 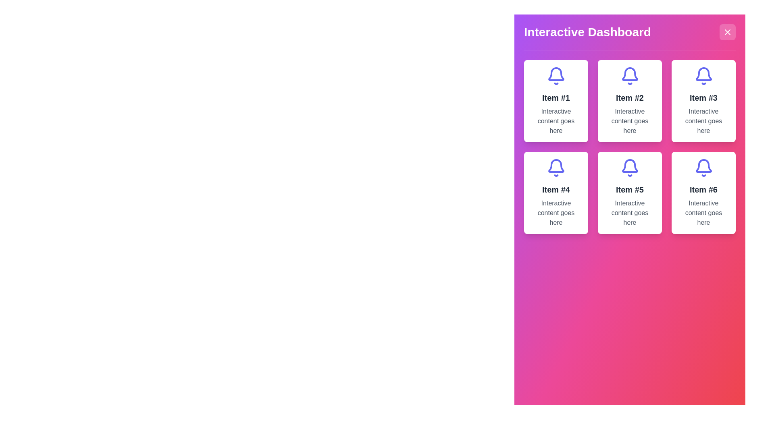 I want to click on the multi-line text block displaying 'Interactive content goes here.' which is styled in muted grey and located in the second card of the grid layout under the title 'Interactive Dashboard.', so click(x=629, y=121).